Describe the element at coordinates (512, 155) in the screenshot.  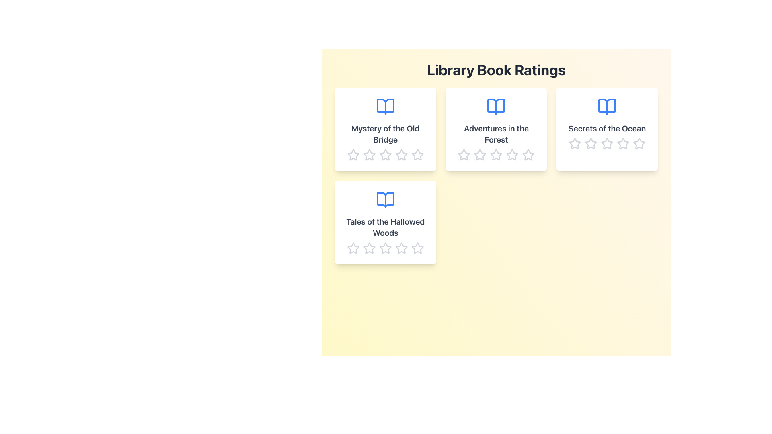
I see `the fourth star-shaped icon in the rating row under the 'Adventures in the Forest' section of the 'Library Book Ratings' interface to rate it` at that location.